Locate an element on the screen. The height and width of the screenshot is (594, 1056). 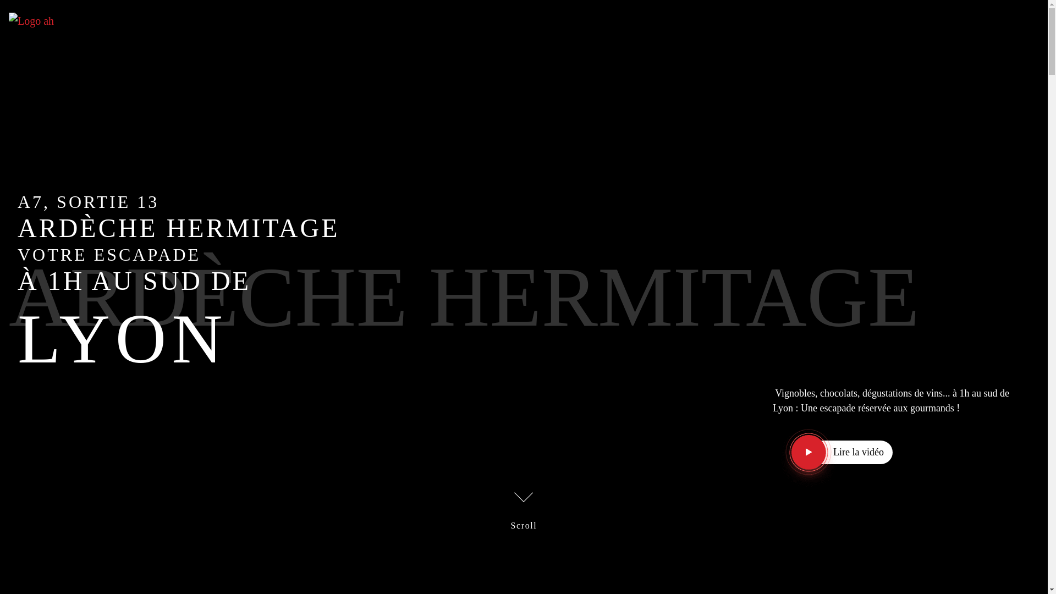
'Scroll' is located at coordinates (524, 509).